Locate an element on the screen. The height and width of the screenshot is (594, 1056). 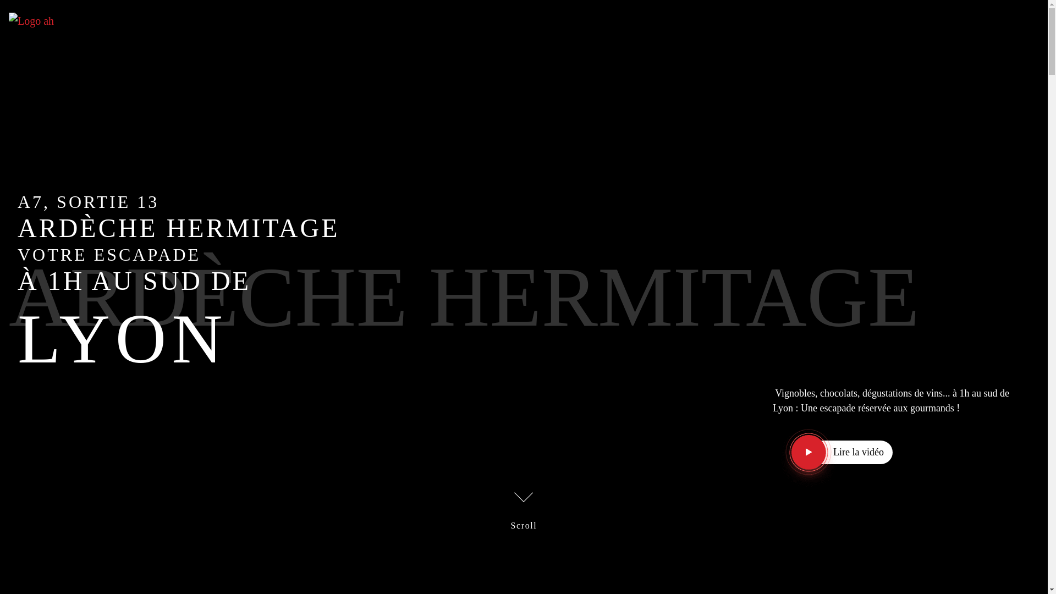
'Scroll' is located at coordinates (524, 509).